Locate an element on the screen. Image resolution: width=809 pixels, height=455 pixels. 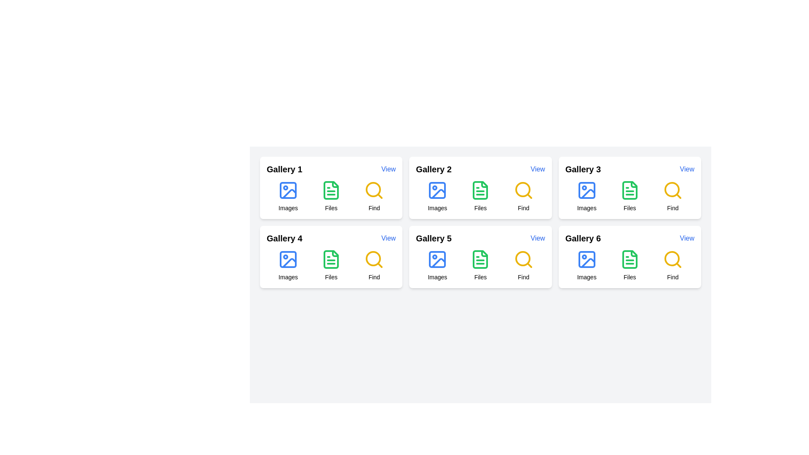
text label displaying 'Images' located below the image icon in the first card of the first row of gallery cards is located at coordinates (288, 208).